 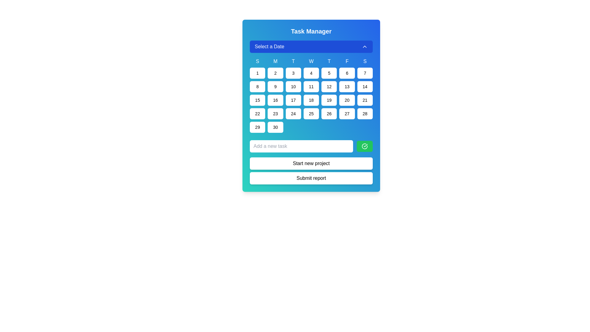 What do you see at coordinates (258, 86) in the screenshot?
I see `the button displaying the number '8' in the calendar grid of the task manager` at bounding box center [258, 86].